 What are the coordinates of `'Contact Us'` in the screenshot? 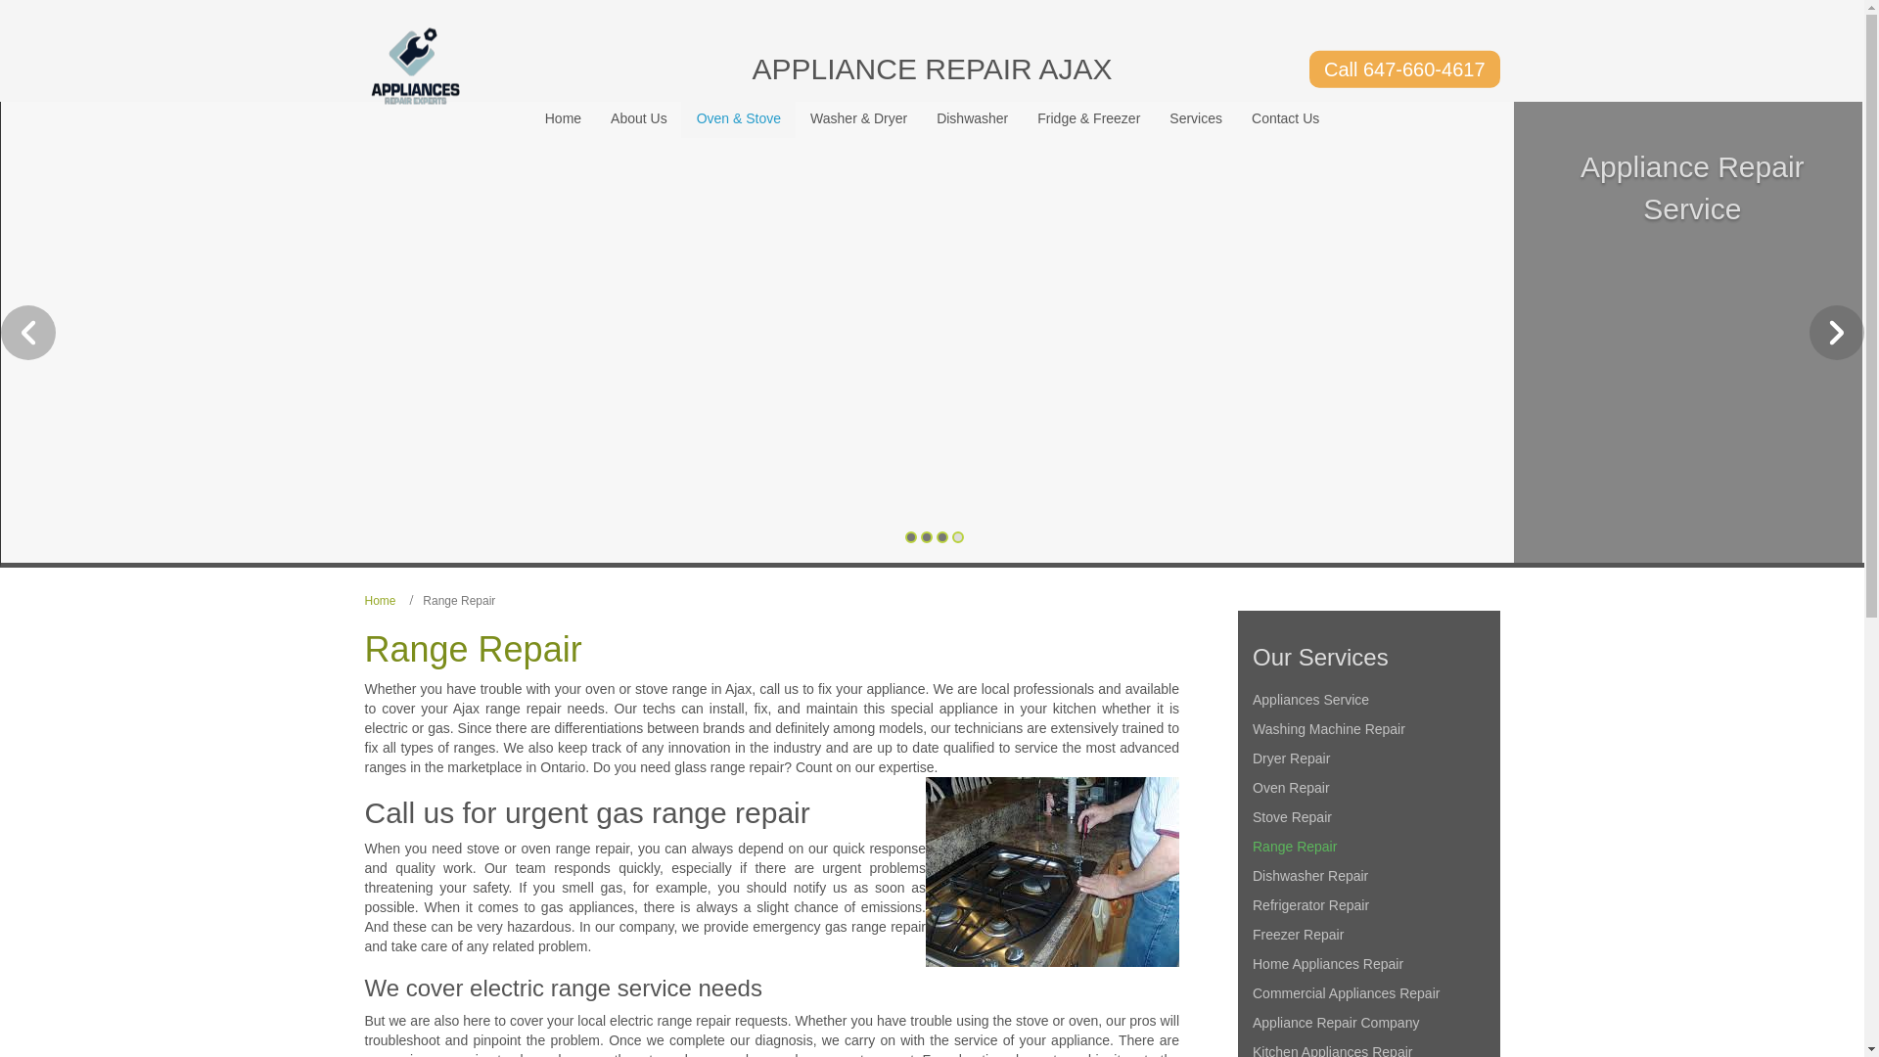 It's located at (1285, 117).